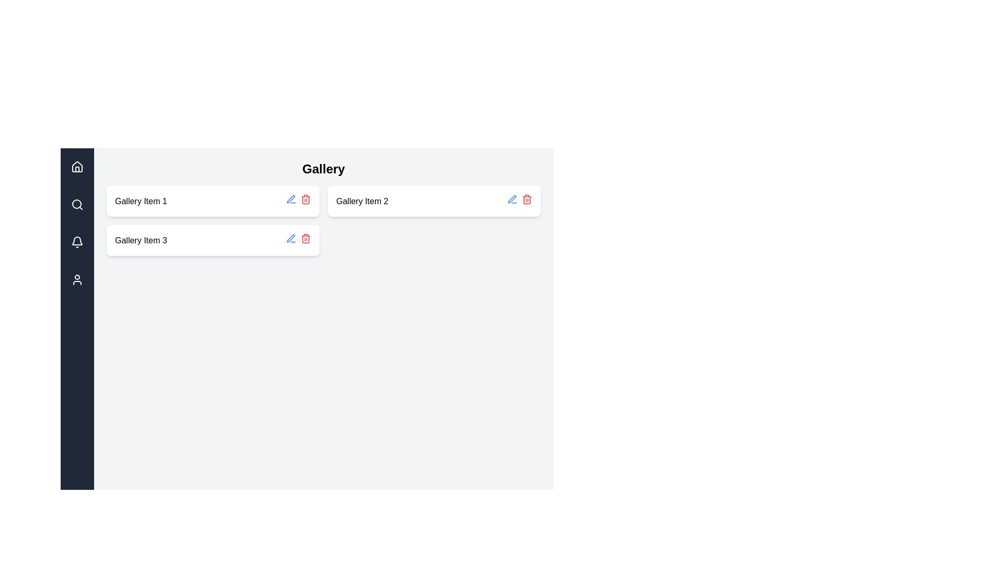 The width and height of the screenshot is (1004, 564). What do you see at coordinates (77, 279) in the screenshot?
I see `the circular user profile icon at the bottom of the vertical navigation bar` at bounding box center [77, 279].